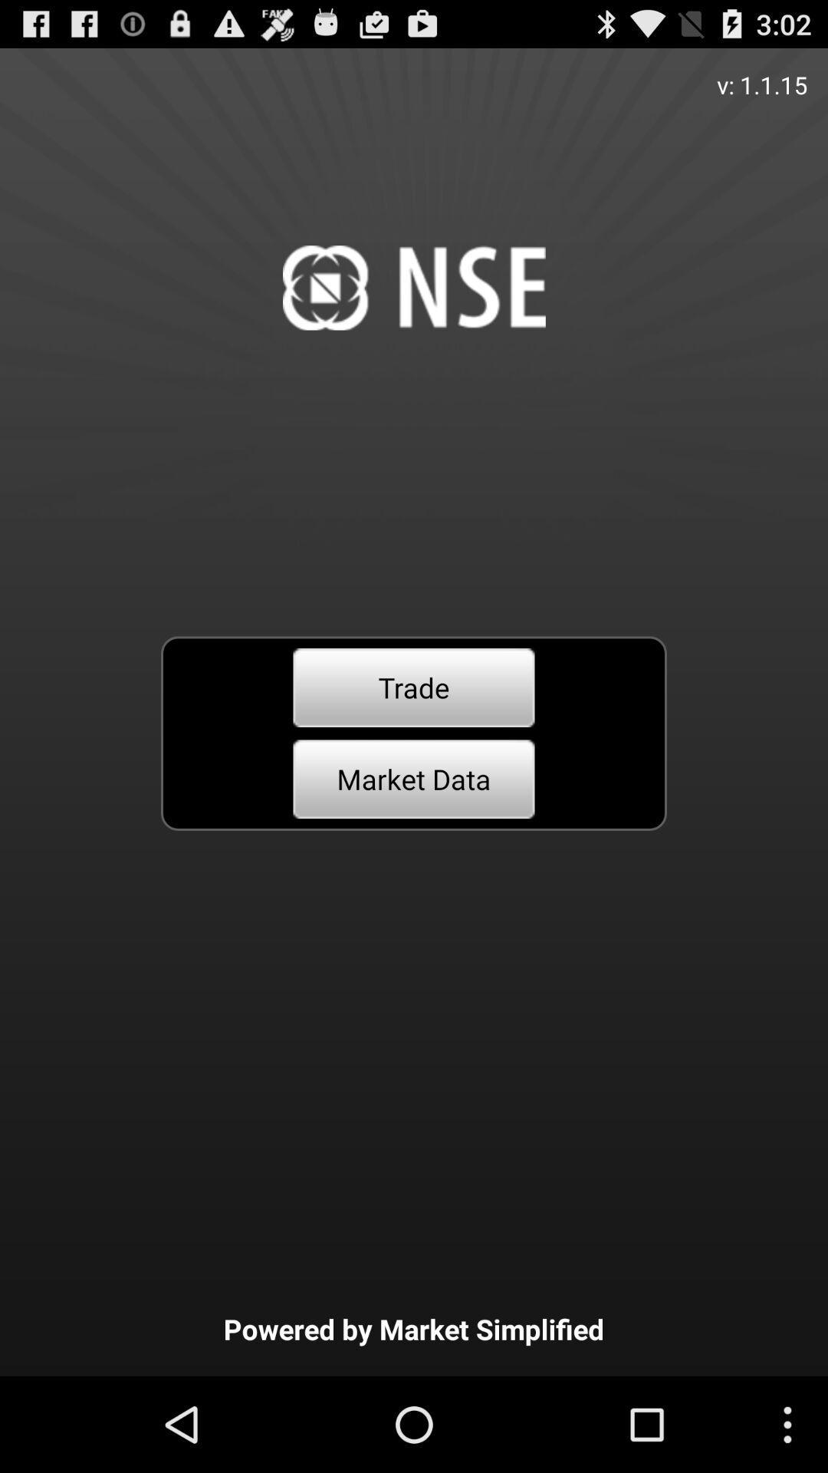 The width and height of the screenshot is (828, 1473). What do you see at coordinates (414, 779) in the screenshot?
I see `the item above powered by market icon` at bounding box center [414, 779].